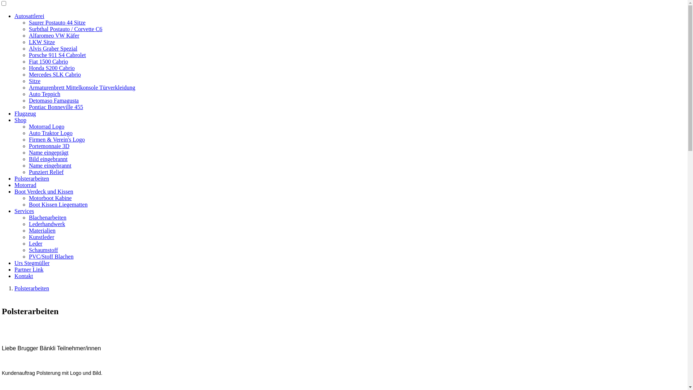 The height and width of the screenshot is (390, 693). Describe the element at coordinates (29, 81) in the screenshot. I see `'Sitze'` at that location.